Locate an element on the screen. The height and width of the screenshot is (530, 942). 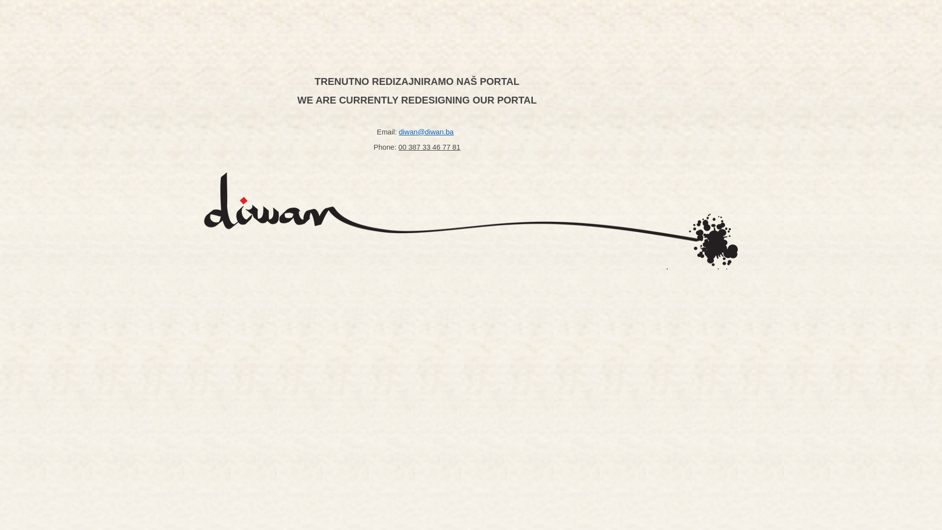
'diwan@diwan.ba' is located at coordinates (426, 132).